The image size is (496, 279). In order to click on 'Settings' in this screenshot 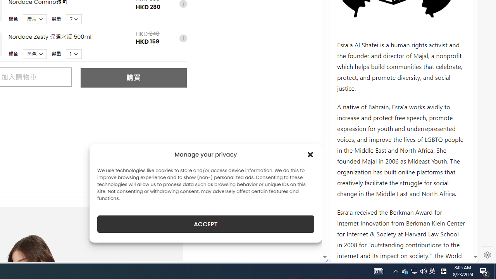, I will do `click(487, 255)`.